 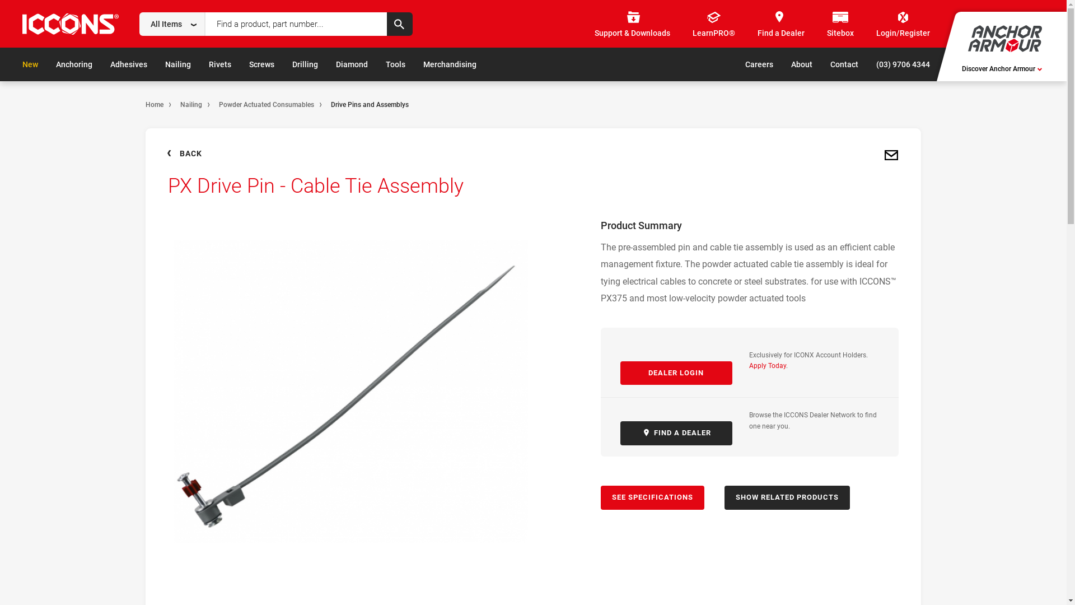 I want to click on 'Tools', so click(x=386, y=64).